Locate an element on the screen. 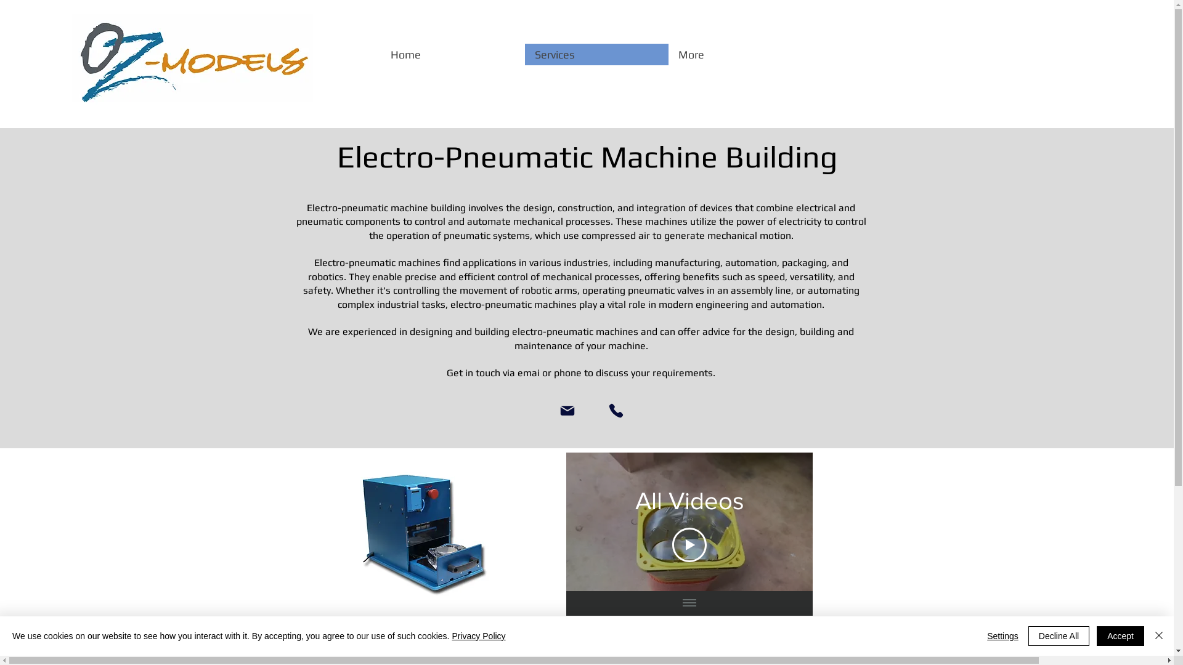  'Privacy Policy' is located at coordinates (478, 636).